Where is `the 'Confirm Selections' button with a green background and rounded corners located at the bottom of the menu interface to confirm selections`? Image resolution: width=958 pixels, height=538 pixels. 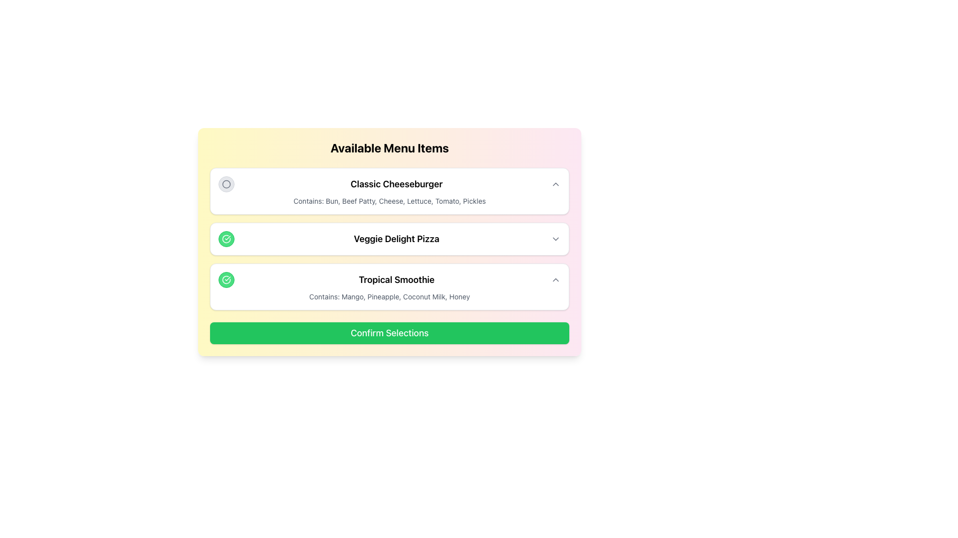
the 'Confirm Selections' button with a green background and rounded corners located at the bottom of the menu interface to confirm selections is located at coordinates (389, 333).